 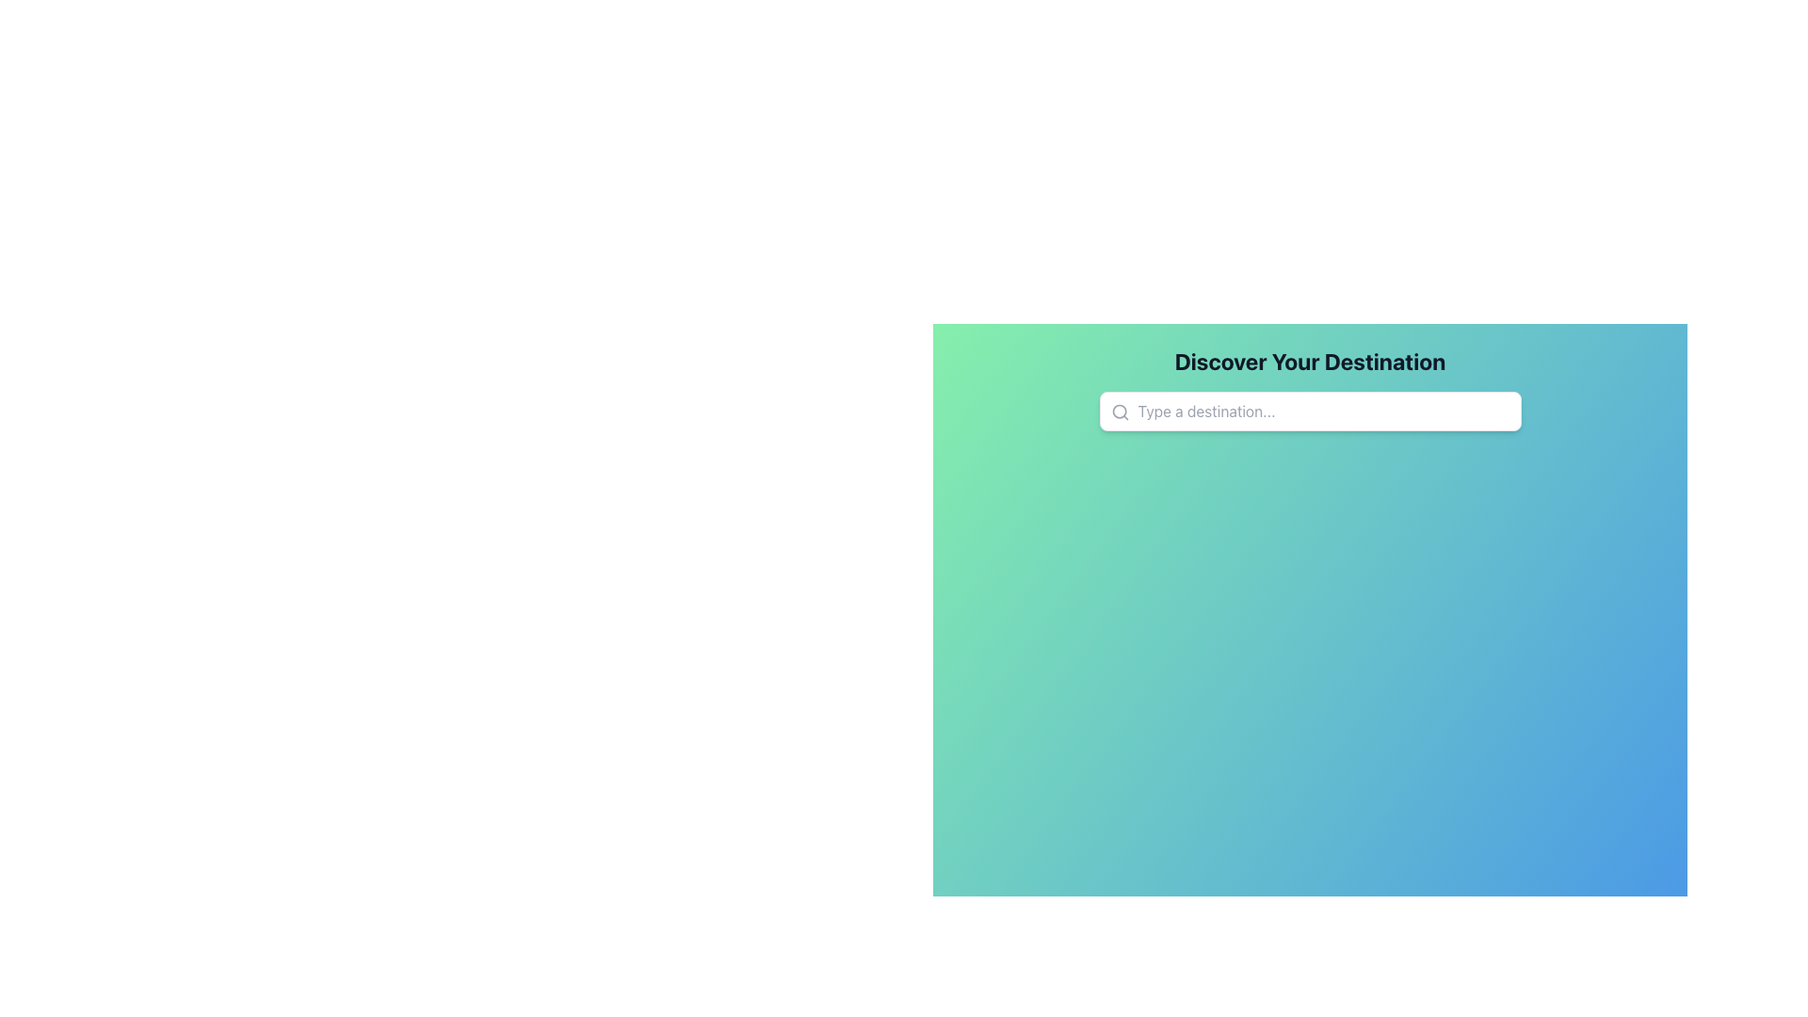 I want to click on the SVG Circle Element that is part of the magnifying glass icon, located on the left side of the search bar below the title 'Discover Your Destination', so click(x=1119, y=411).